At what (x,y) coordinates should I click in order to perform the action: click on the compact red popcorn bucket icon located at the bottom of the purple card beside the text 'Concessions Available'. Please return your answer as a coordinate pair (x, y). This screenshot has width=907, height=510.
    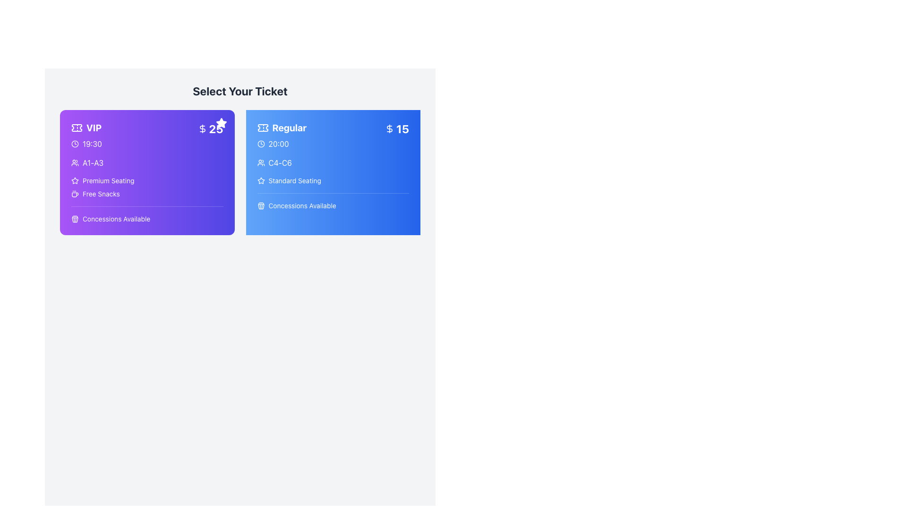
    Looking at the image, I should click on (74, 219).